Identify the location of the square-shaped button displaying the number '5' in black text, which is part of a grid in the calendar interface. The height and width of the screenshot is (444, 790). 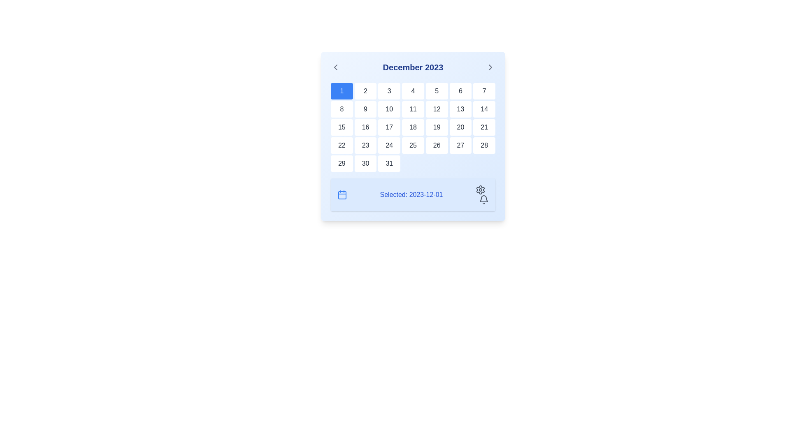
(436, 91).